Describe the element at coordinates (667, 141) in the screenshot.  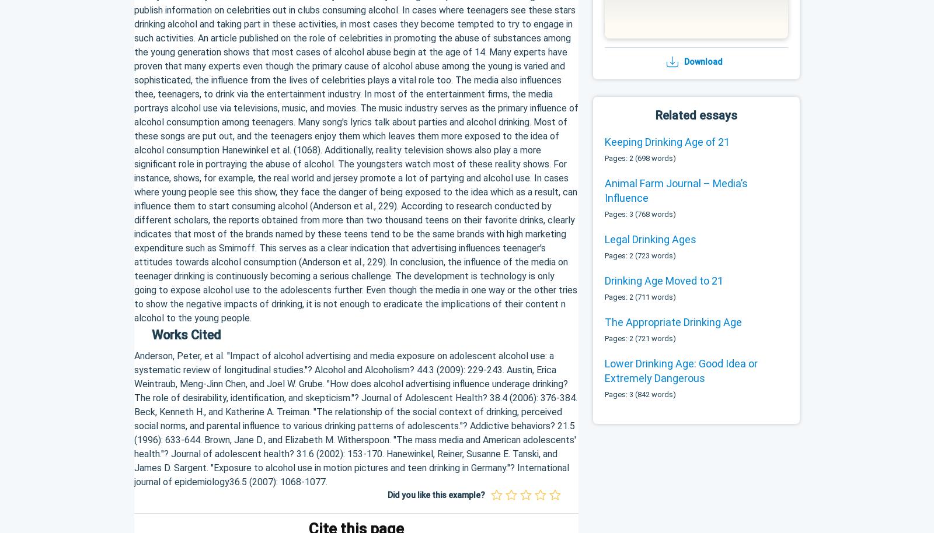
I see `'Keeping Drinking Age of 21'` at that location.